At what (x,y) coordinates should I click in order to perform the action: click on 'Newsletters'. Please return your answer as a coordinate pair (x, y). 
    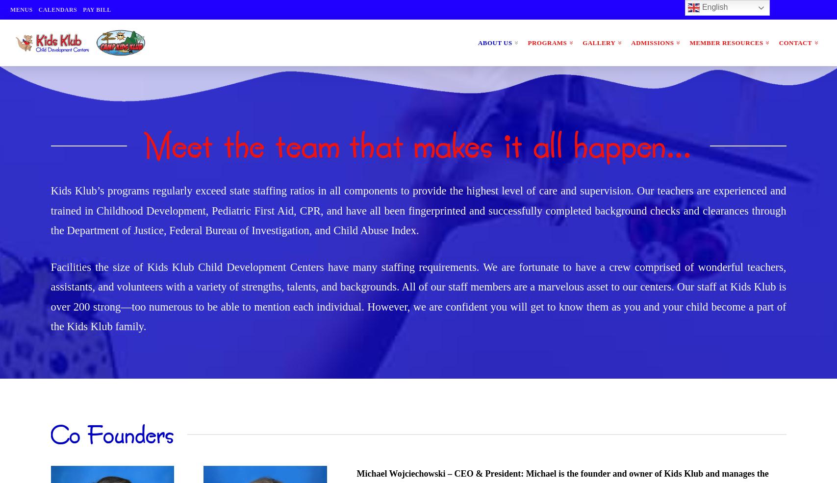
    Looking at the image, I should click on (683, 156).